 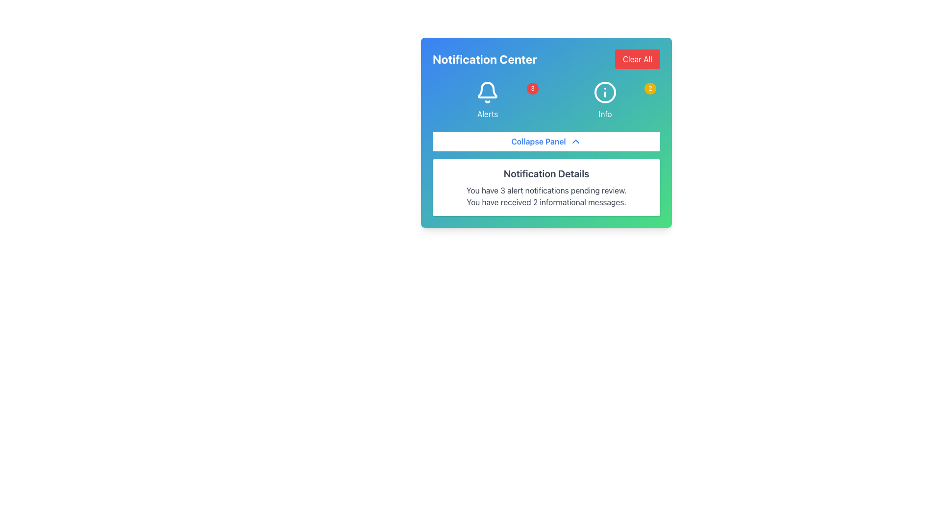 I want to click on the Notification Badge that displays the count of informational messages associated with the 'Info' section, located at the top-right corner of the 'Info' icon, so click(x=650, y=89).